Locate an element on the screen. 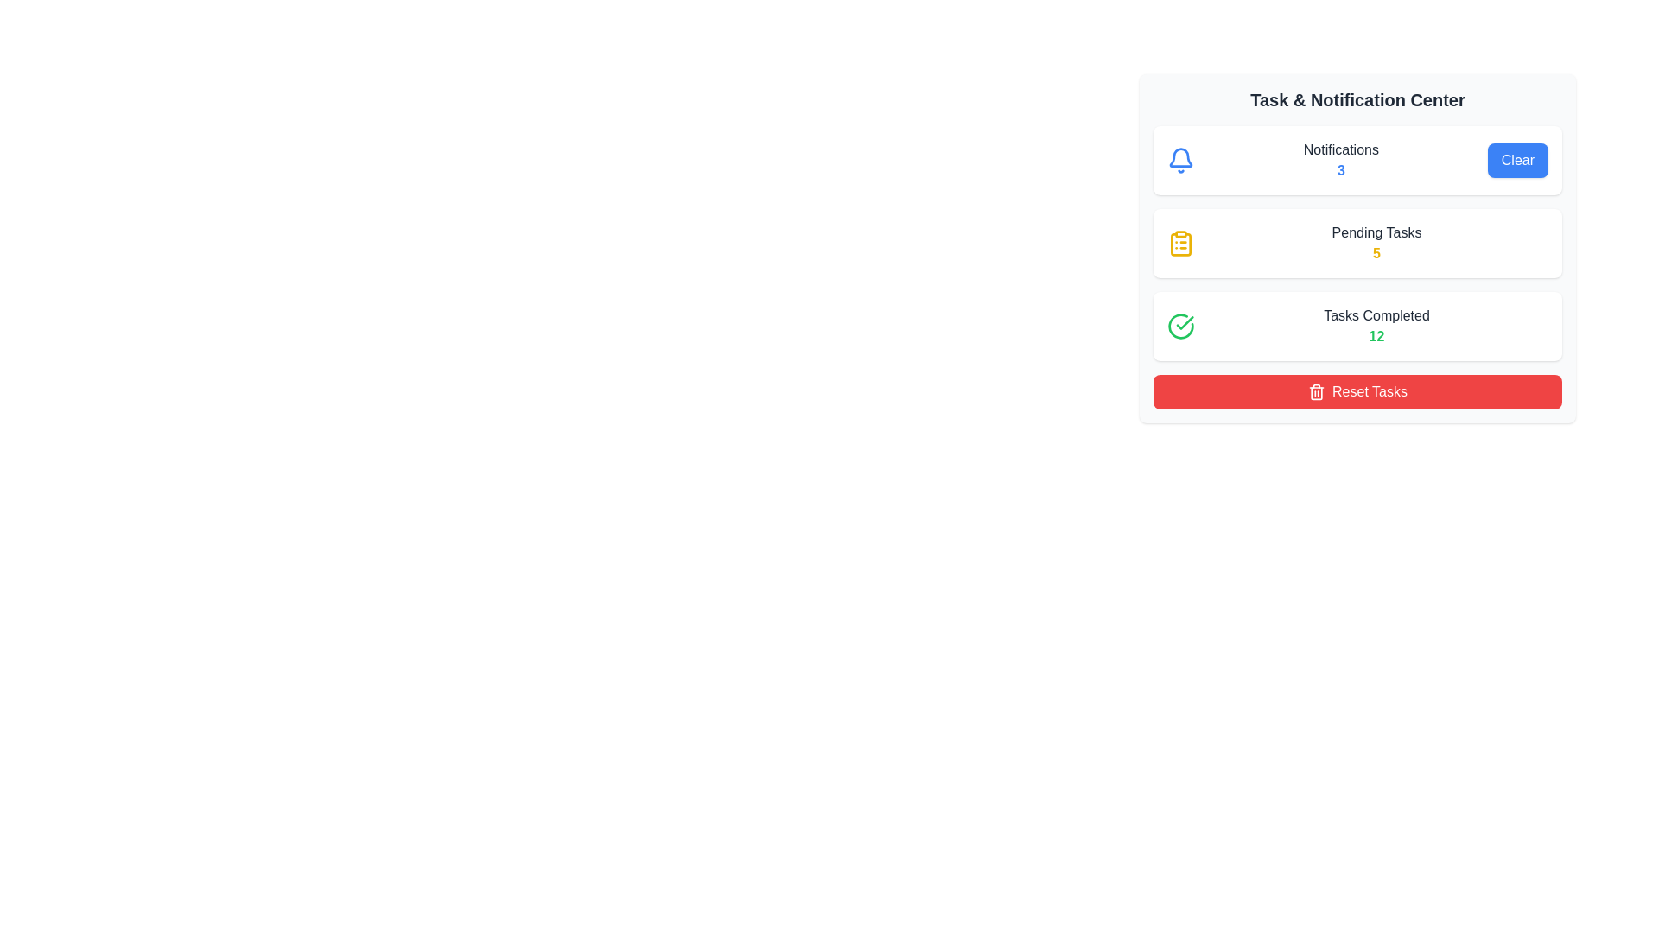  the green circular icon with a checkmark within it, located in the top-left corner of the 'Tasks Completed' section, by clicking on it is located at coordinates (1180, 327).